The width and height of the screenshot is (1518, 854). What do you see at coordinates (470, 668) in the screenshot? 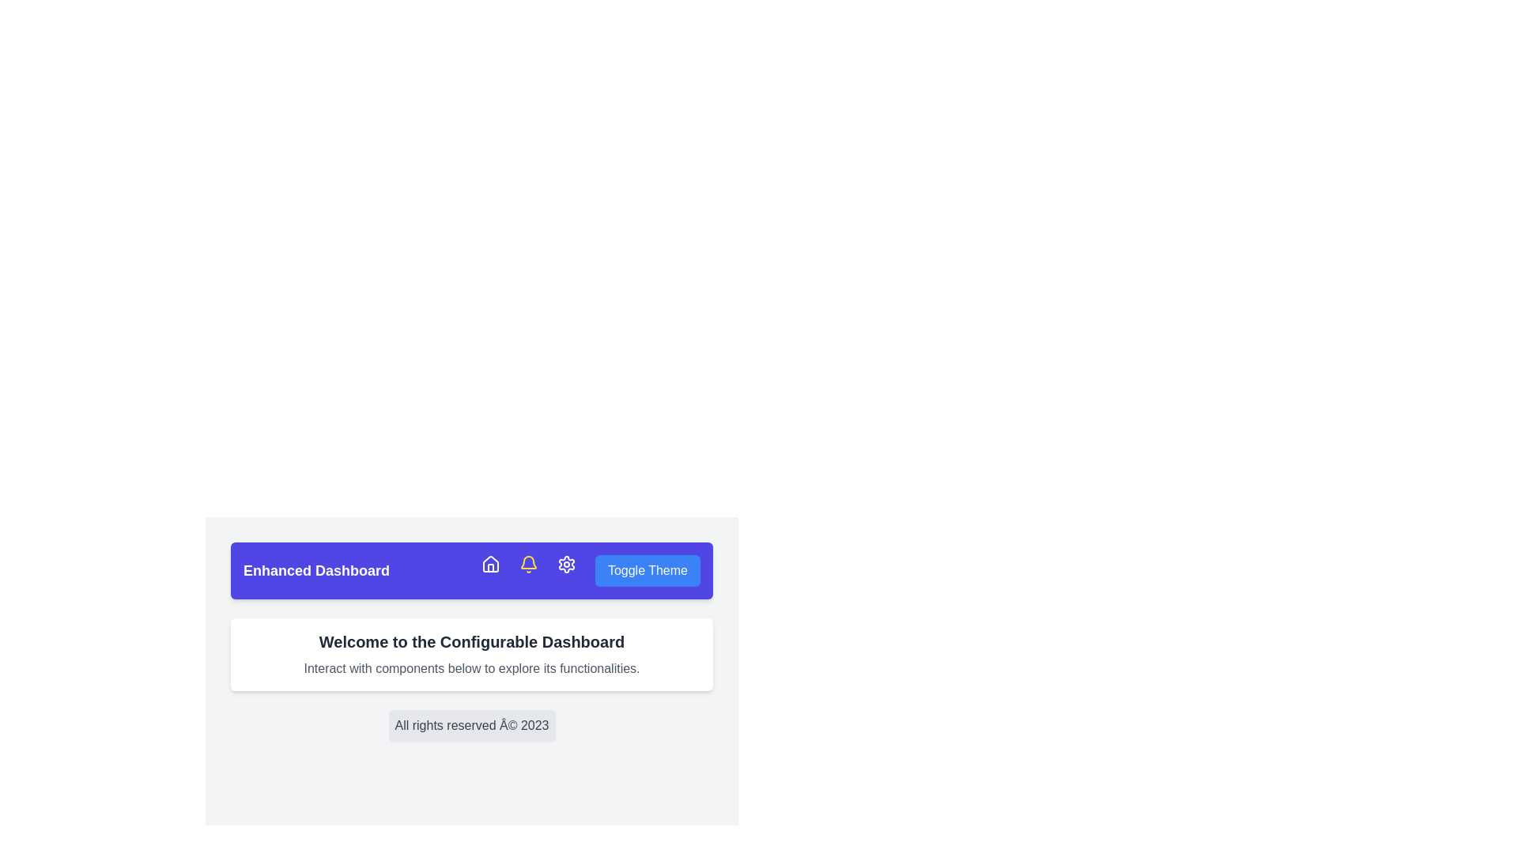
I see `the instructional text label located beneath the 'Welcome to the Configurable Dashboard' title, which is found within a white card section with rounded corners` at bounding box center [470, 668].